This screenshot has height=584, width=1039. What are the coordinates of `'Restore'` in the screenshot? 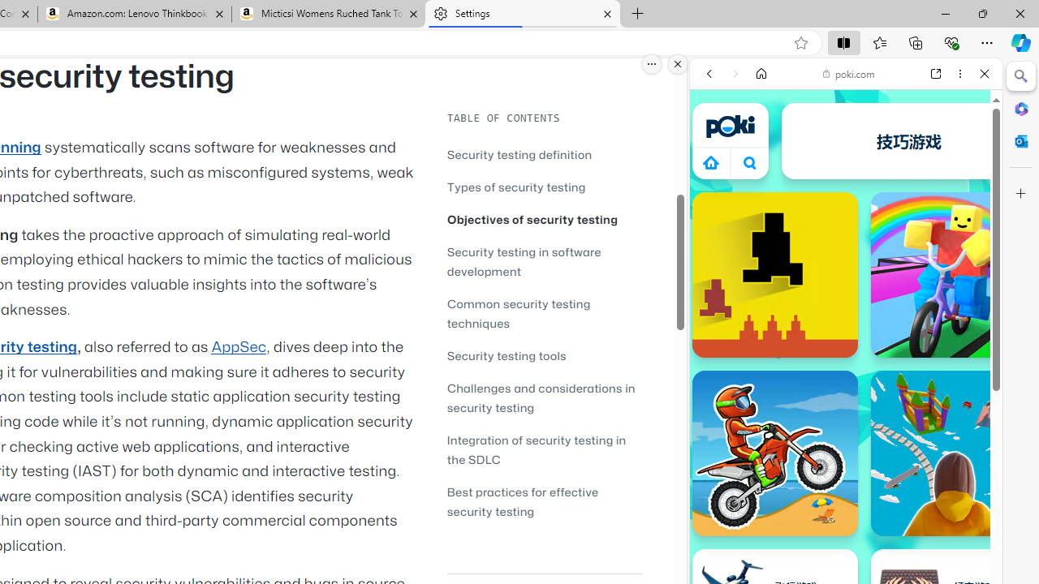 It's located at (981, 13).